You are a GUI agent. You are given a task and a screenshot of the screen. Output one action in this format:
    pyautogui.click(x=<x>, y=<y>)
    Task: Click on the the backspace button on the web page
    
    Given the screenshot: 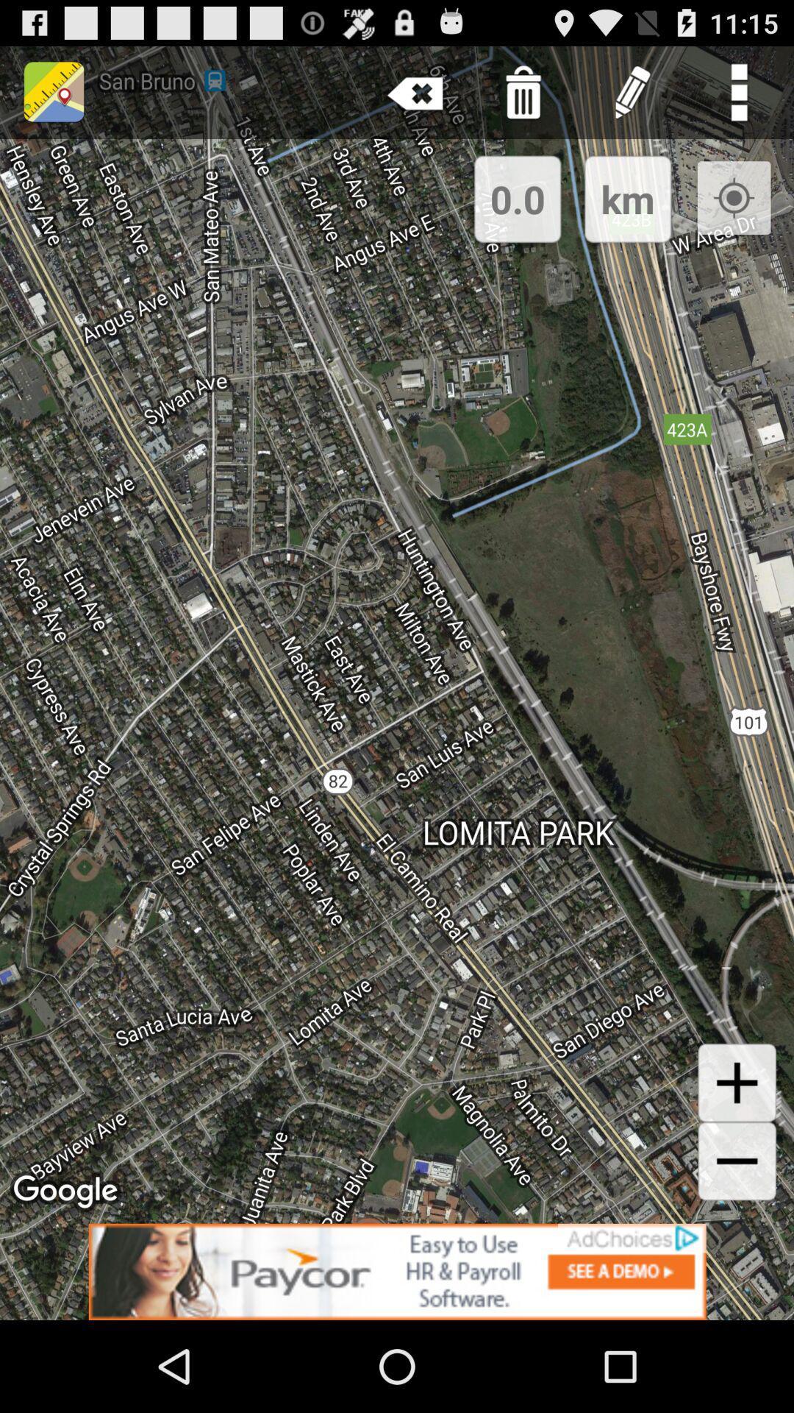 What is the action you would take?
    pyautogui.click(x=415, y=91)
    